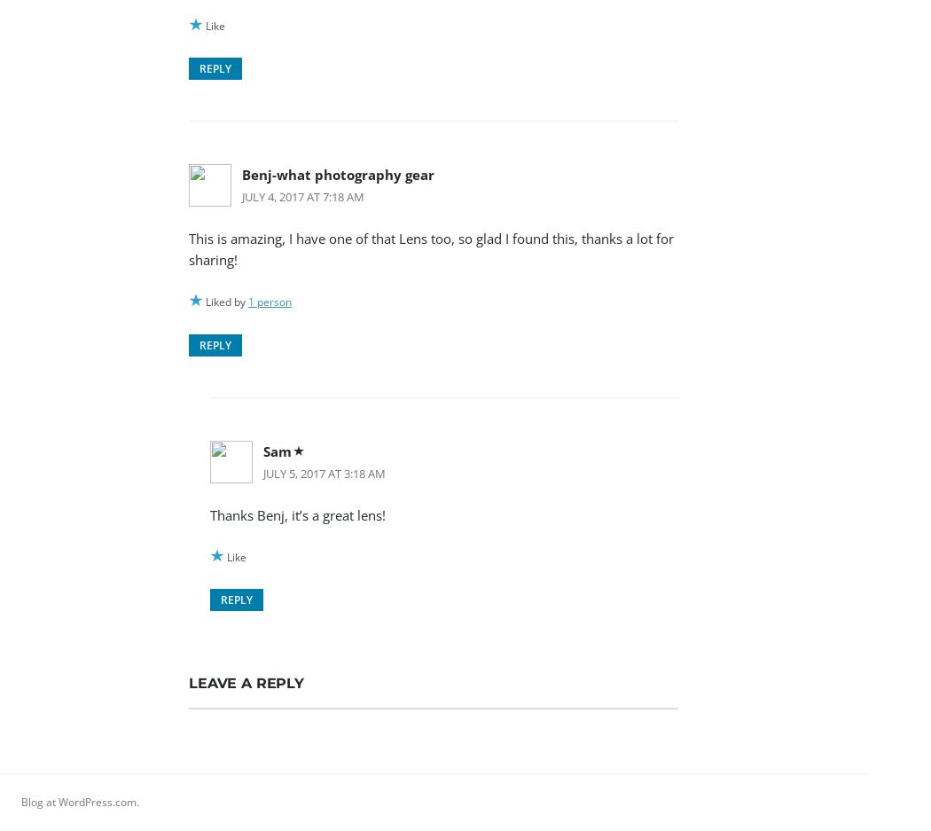 The height and width of the screenshot is (831, 931). Describe the element at coordinates (324, 471) in the screenshot. I see `'July 5, 2017 at 3:18 am'` at that location.